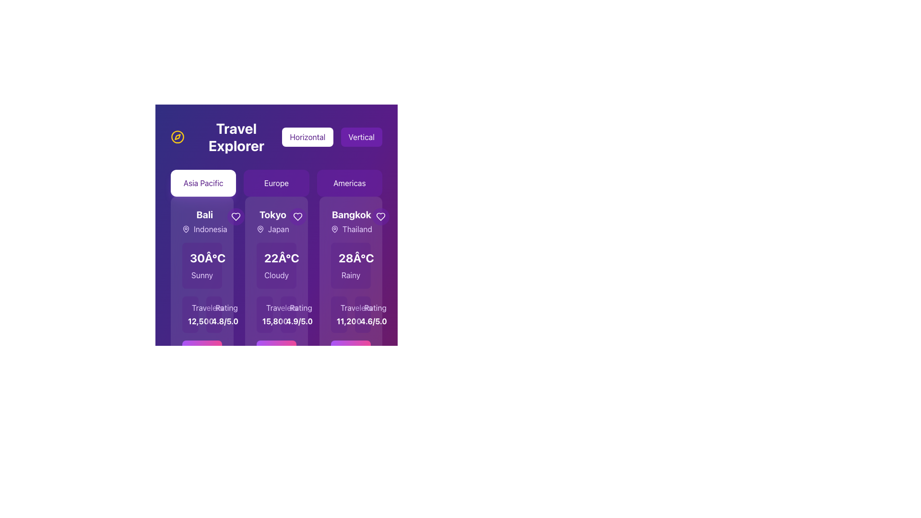  Describe the element at coordinates (362, 321) in the screenshot. I see `the text label that indicates the average user rating for the Bangkok destination, located below the temperature display and next to the 'Rating' label and icon` at that location.